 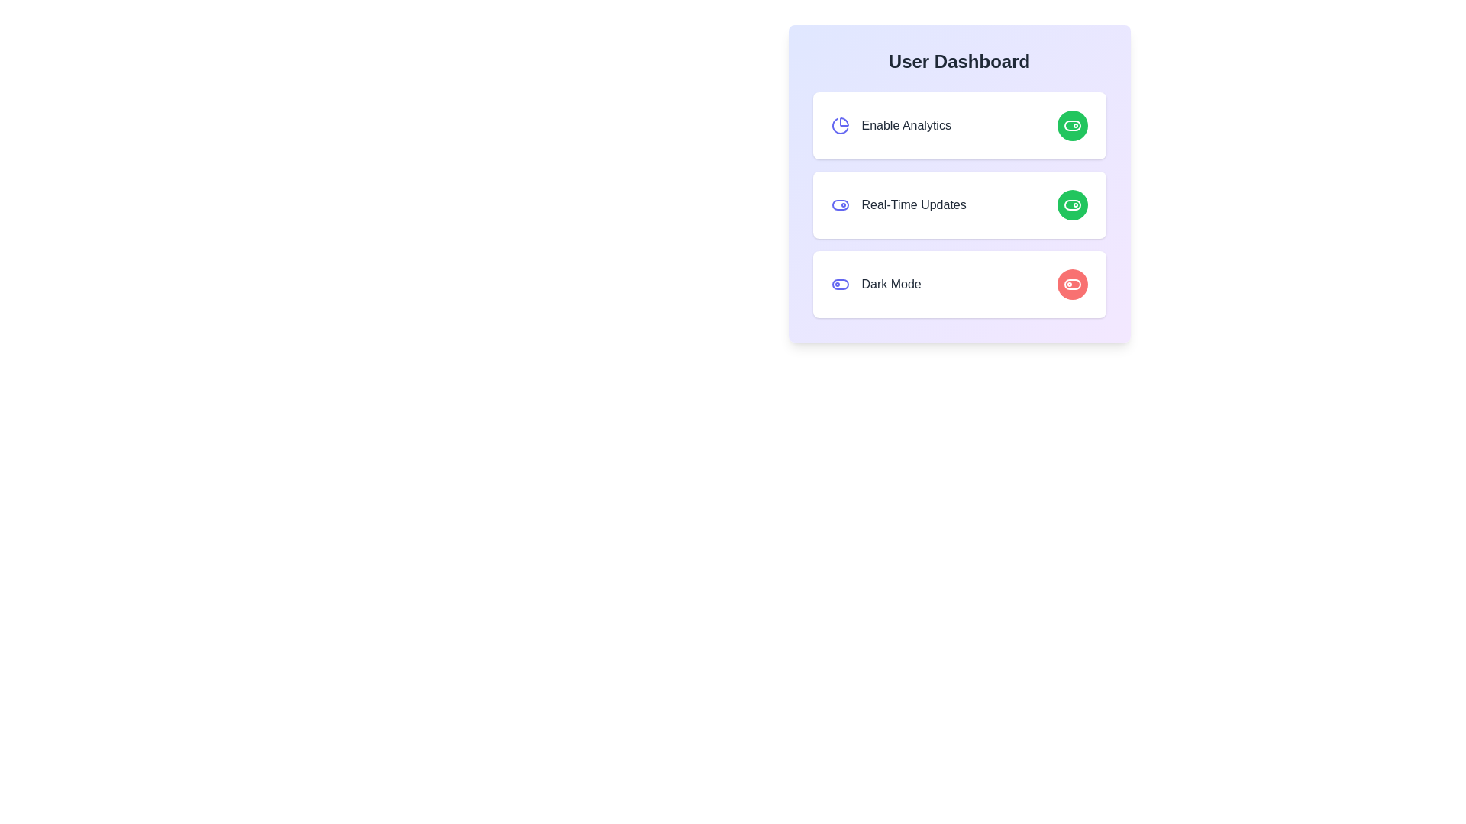 What do you see at coordinates (839, 285) in the screenshot?
I see `the background element of the toggle switch next to the 'Dark Mode' label in the User Dashboard options panel` at bounding box center [839, 285].